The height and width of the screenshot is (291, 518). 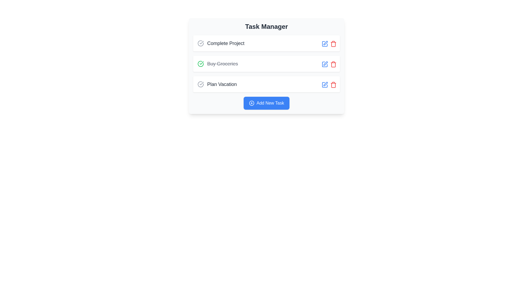 I want to click on the 'Buy Groceries' ListItem in the Task Manager section, so click(x=267, y=63).